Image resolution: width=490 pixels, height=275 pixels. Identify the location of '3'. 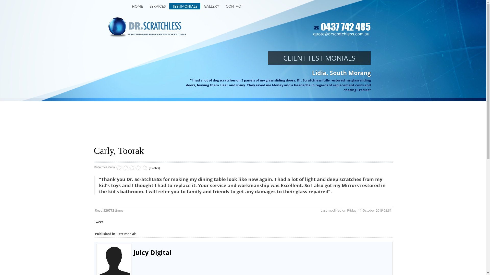
(125, 168).